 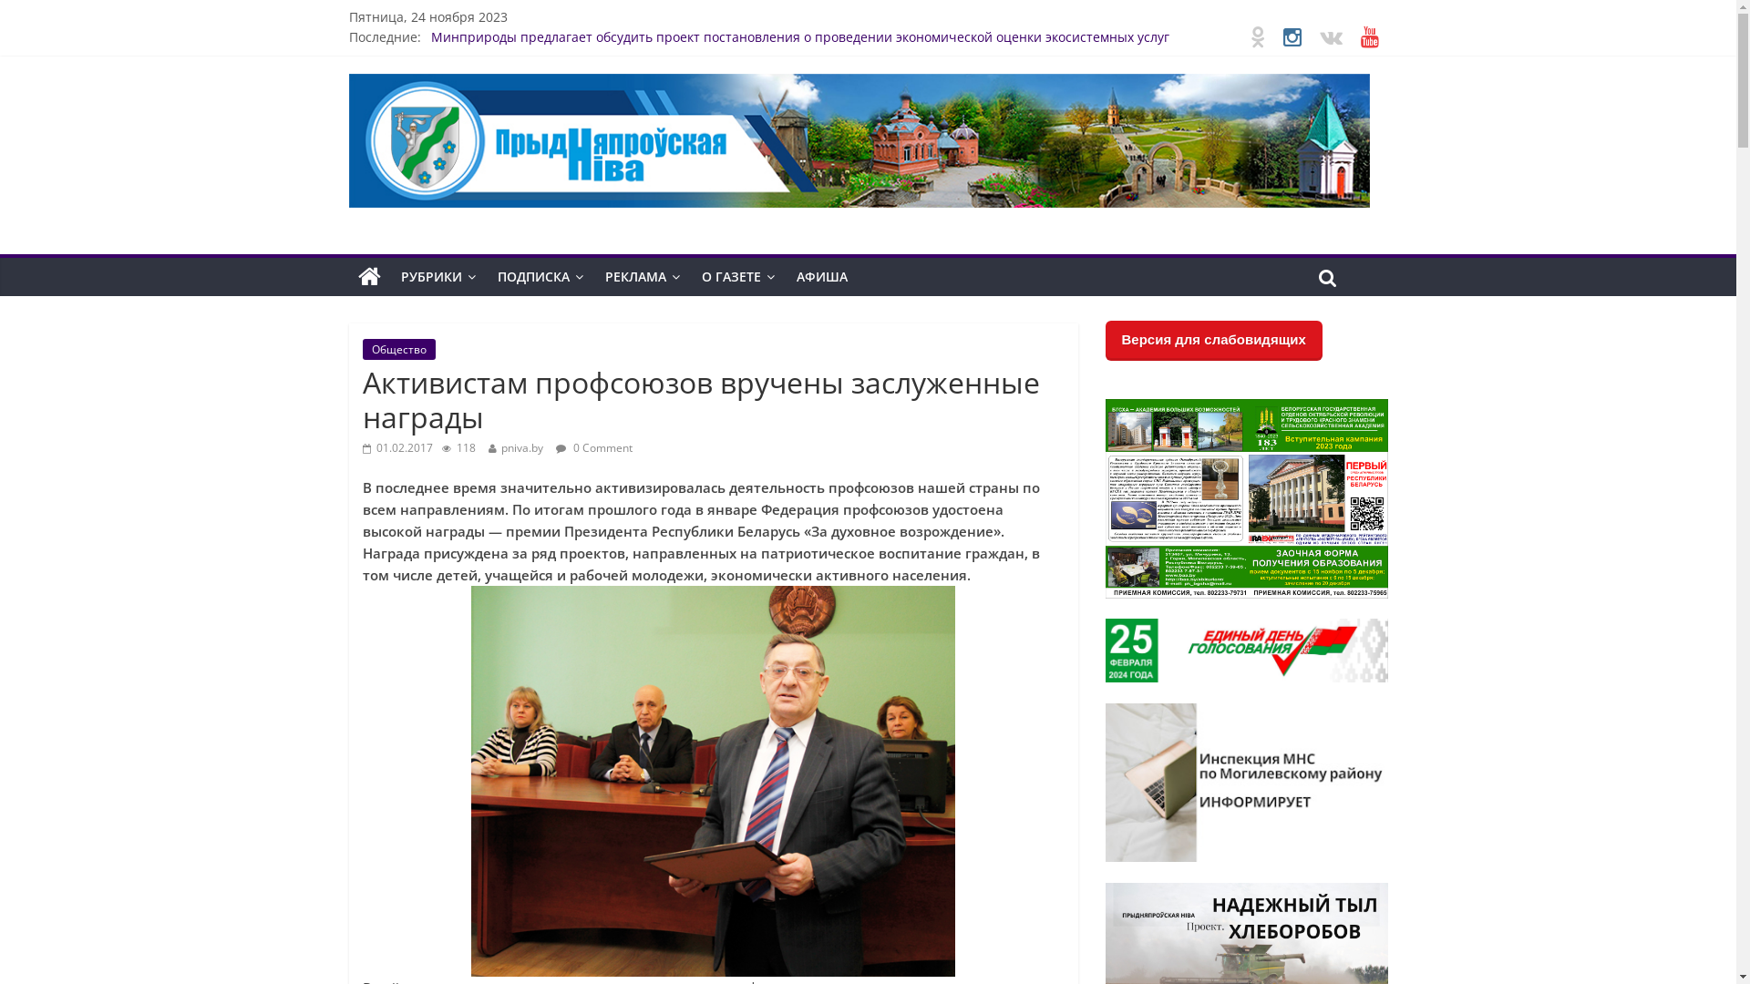 What do you see at coordinates (458, 446) in the screenshot?
I see `'118'` at bounding box center [458, 446].